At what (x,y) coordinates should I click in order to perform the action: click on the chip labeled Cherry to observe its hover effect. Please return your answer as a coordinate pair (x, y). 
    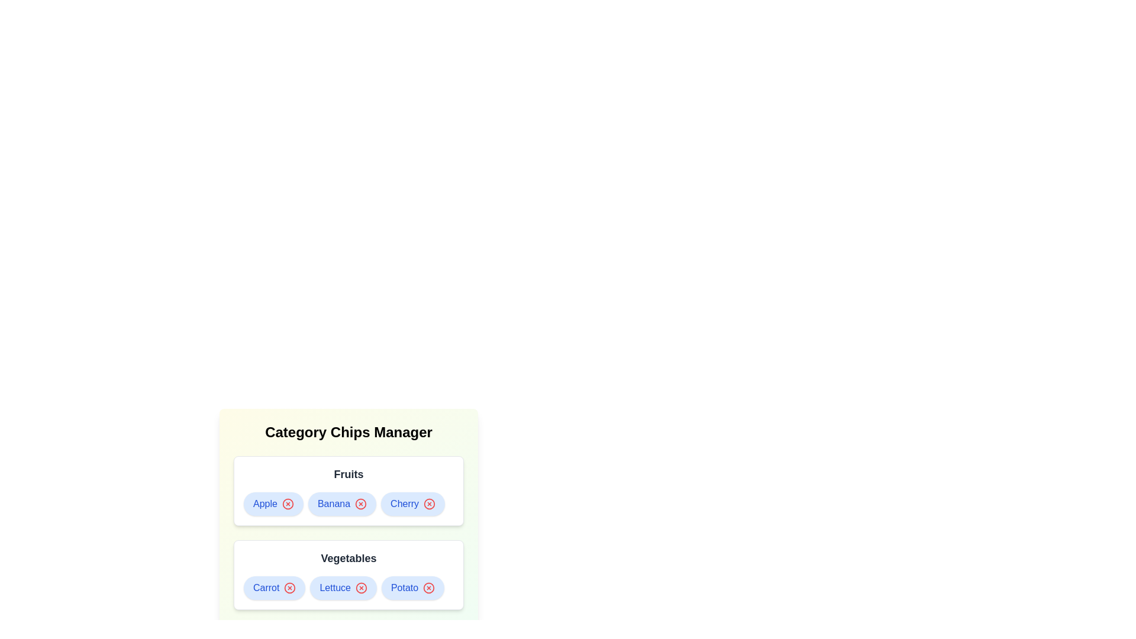
    Looking at the image, I should click on (412, 504).